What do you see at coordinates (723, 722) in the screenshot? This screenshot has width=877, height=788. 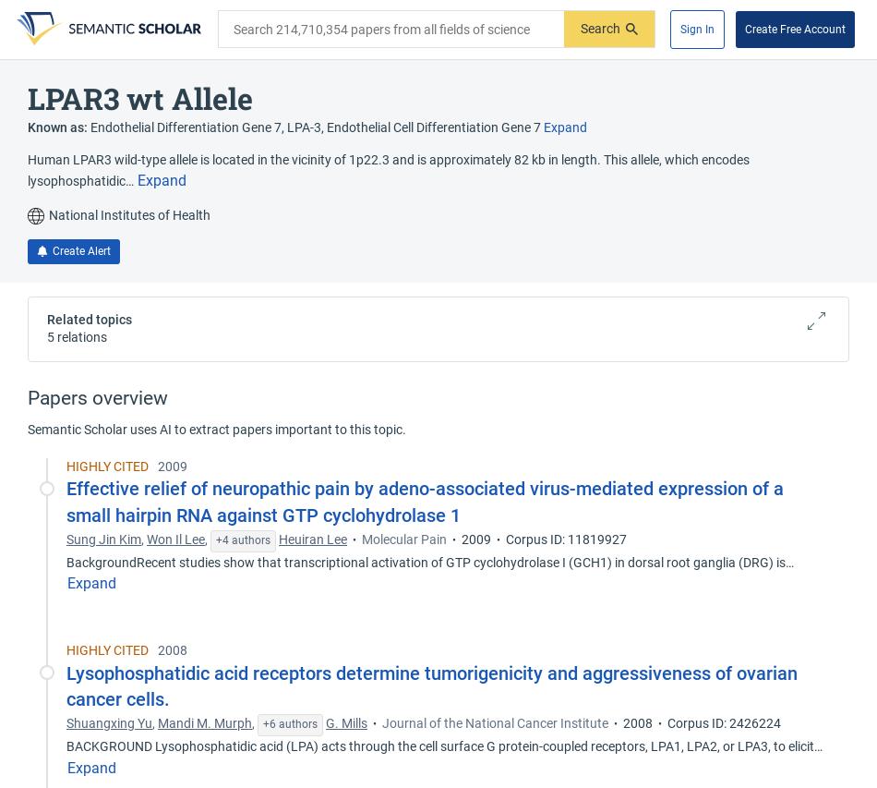 I see `'Corpus ID: 2426224'` at bounding box center [723, 722].